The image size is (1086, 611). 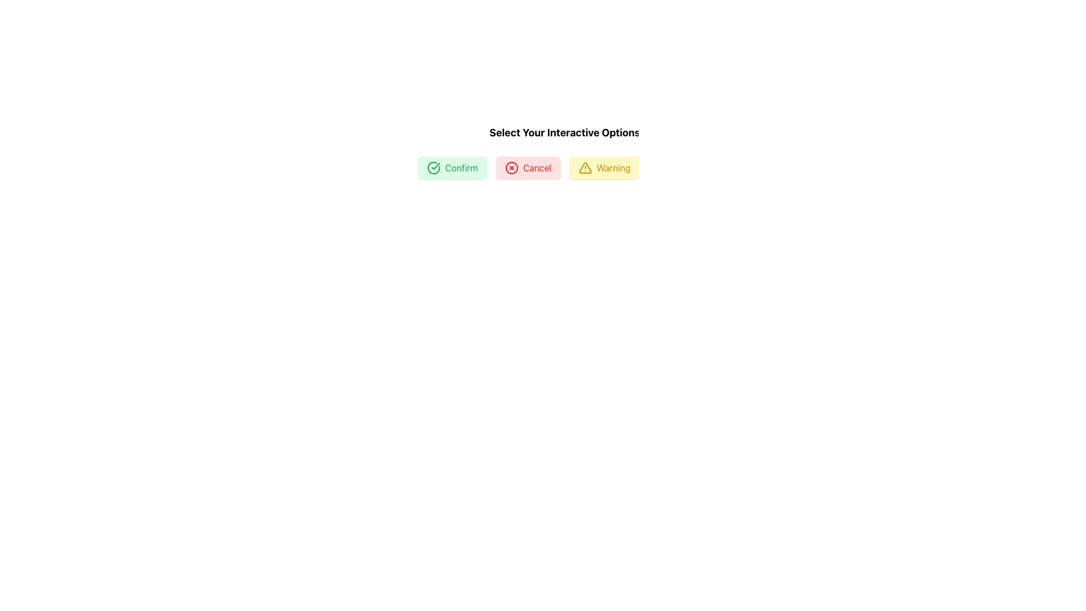 I want to click on the green checkmark icon located inside a circular outline, which is immediately to the left of the label 'Confirm' in the top area of the button group, so click(x=435, y=166).